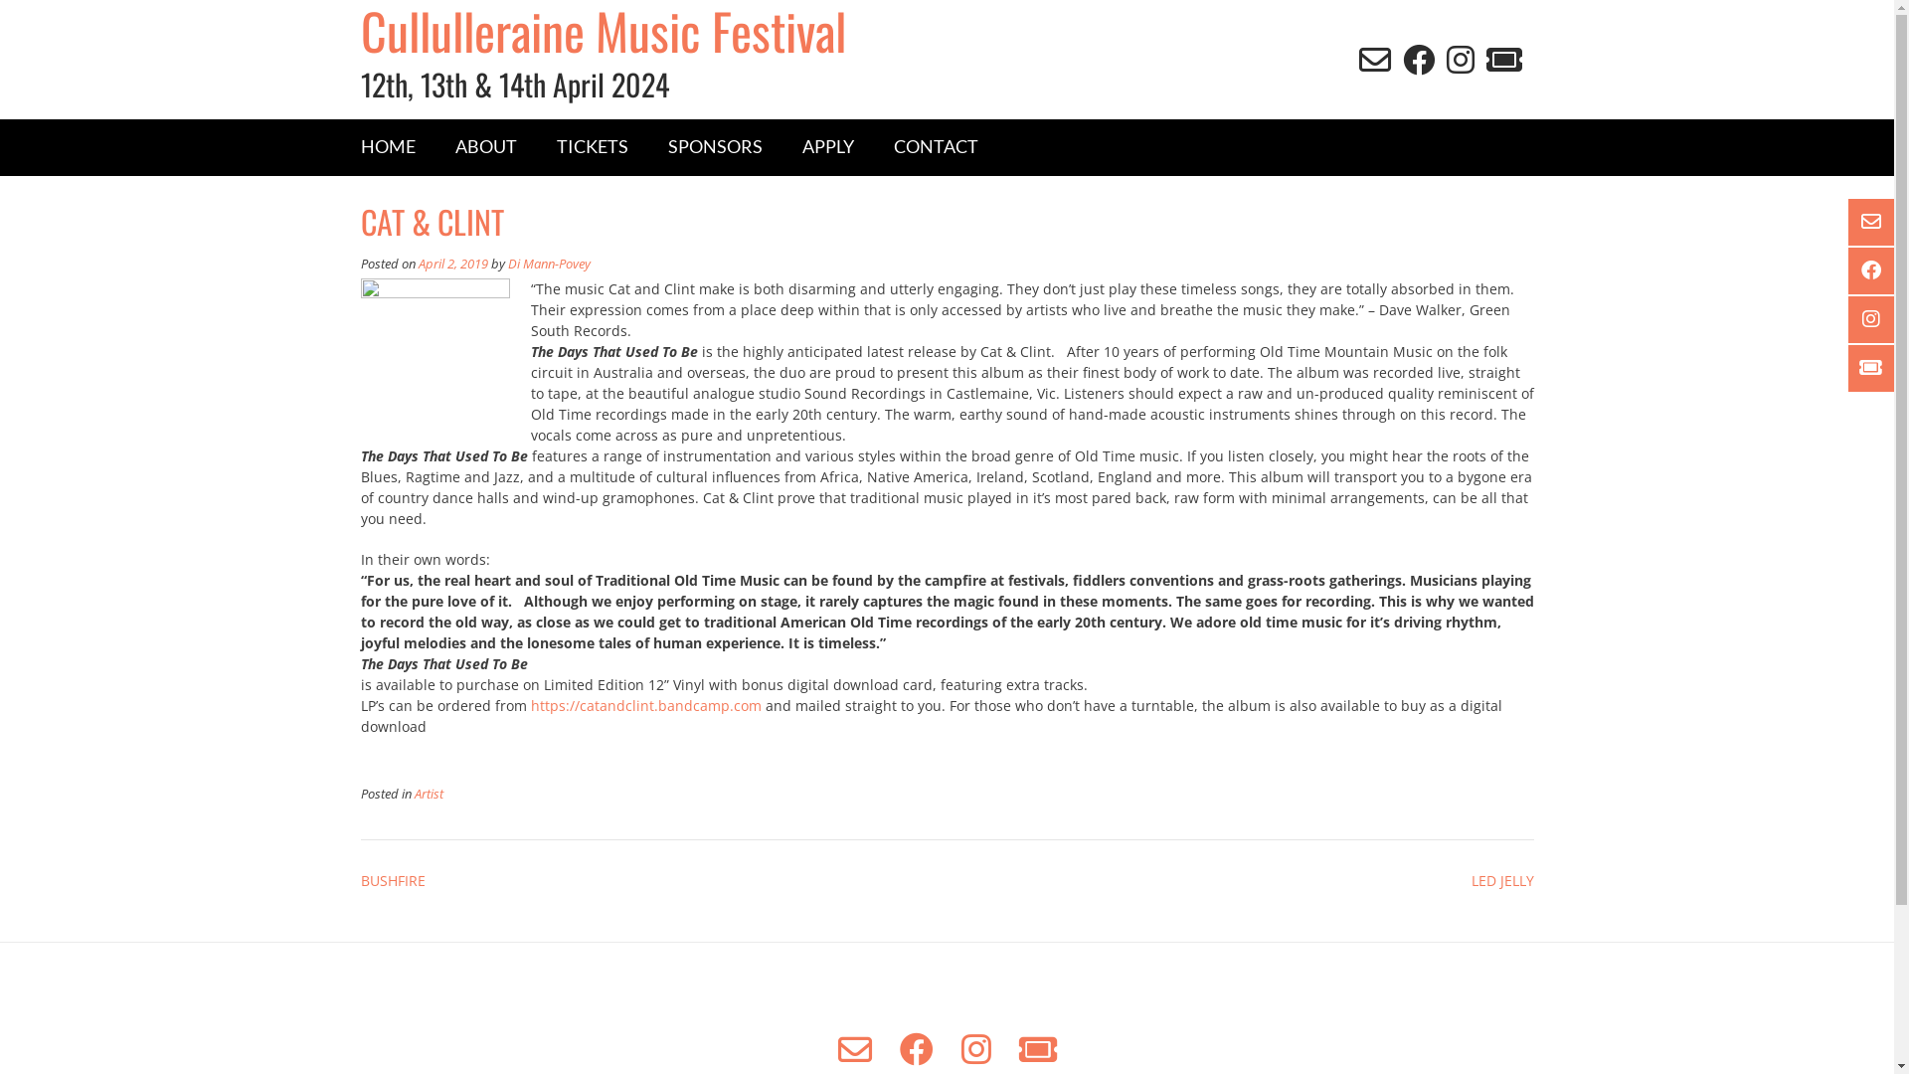 The width and height of the screenshot is (1909, 1074). Describe the element at coordinates (1872, 270) in the screenshot. I see `'Find Us on Facebook'` at that location.